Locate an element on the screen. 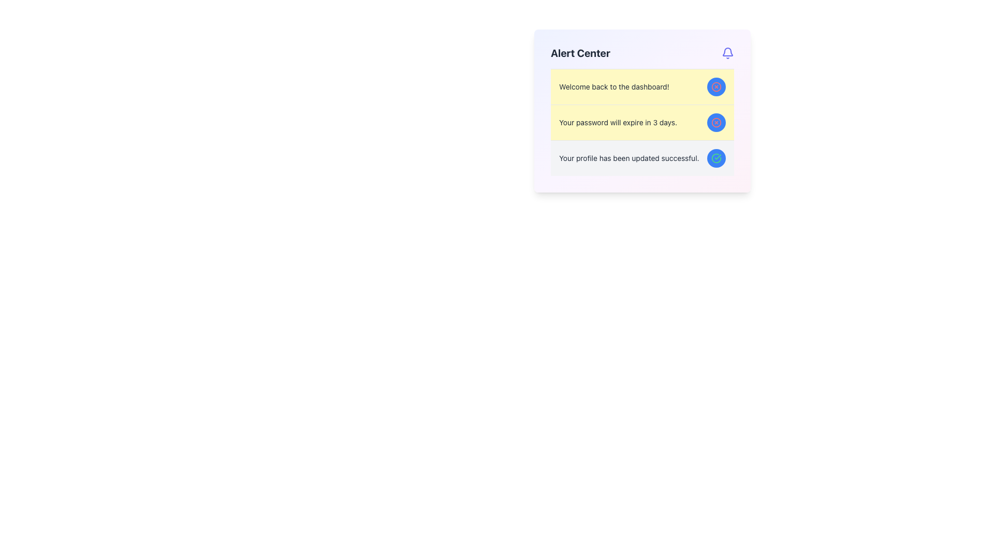 The height and width of the screenshot is (559, 994). the second notification message box in the alert center pane that informs about the status of password expiry is located at coordinates (642, 122).